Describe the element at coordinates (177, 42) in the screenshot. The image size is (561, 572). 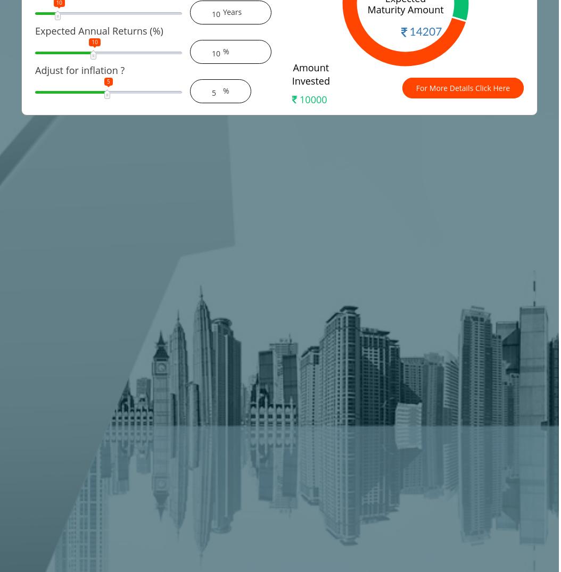
I see `'25'` at that location.